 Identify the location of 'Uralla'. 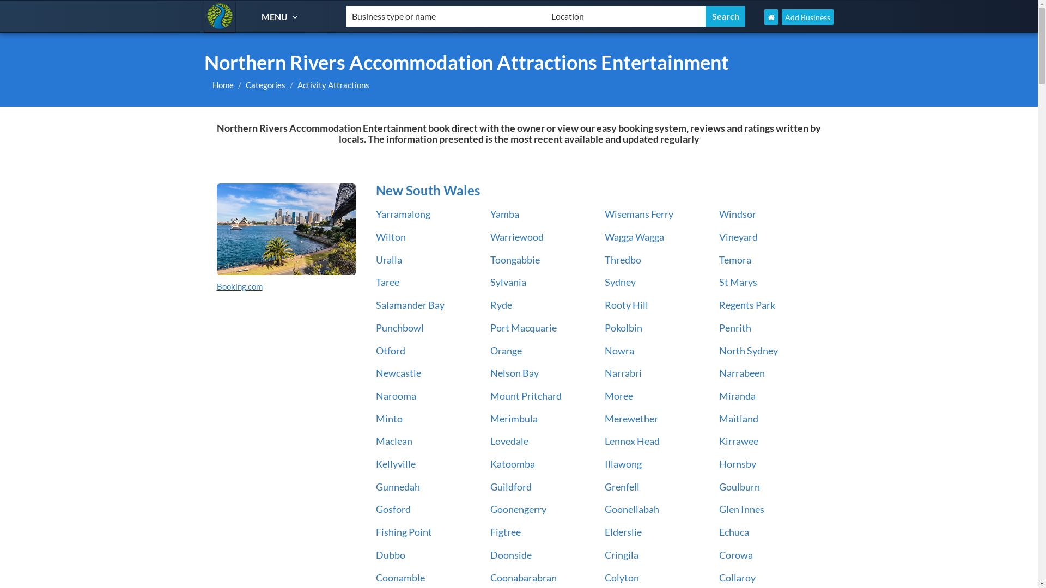
(376, 260).